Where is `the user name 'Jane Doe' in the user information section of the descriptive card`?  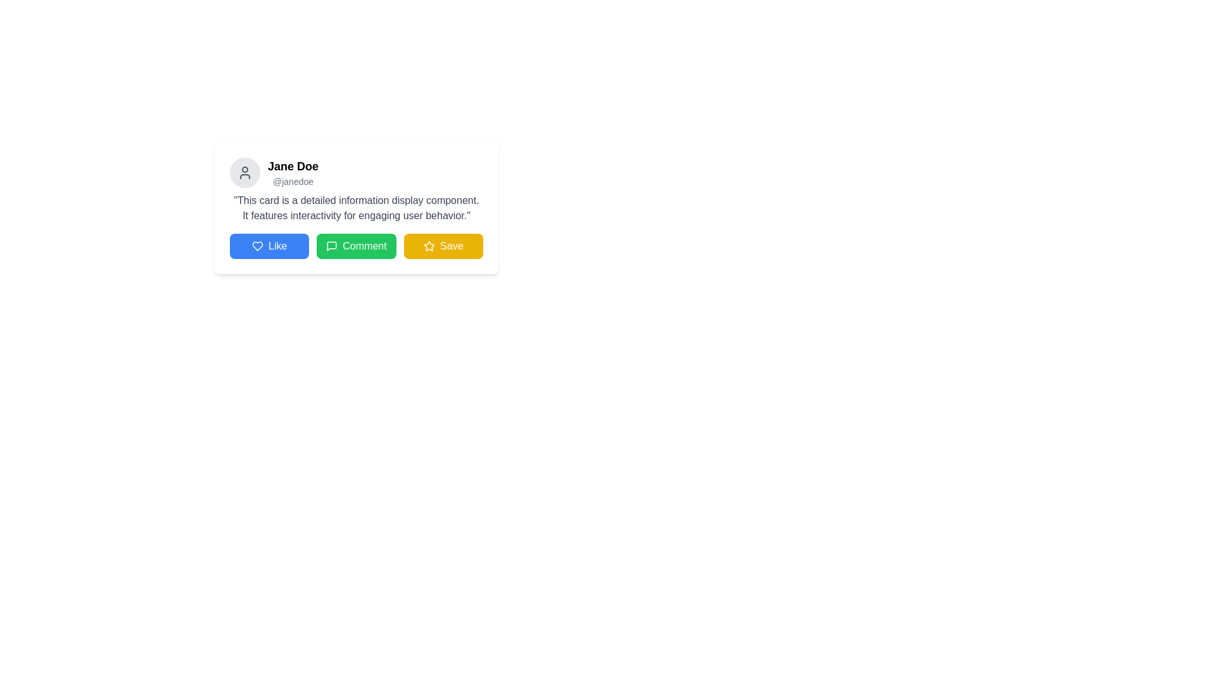
the user name 'Jane Doe' in the user information section of the descriptive card is located at coordinates (355, 190).